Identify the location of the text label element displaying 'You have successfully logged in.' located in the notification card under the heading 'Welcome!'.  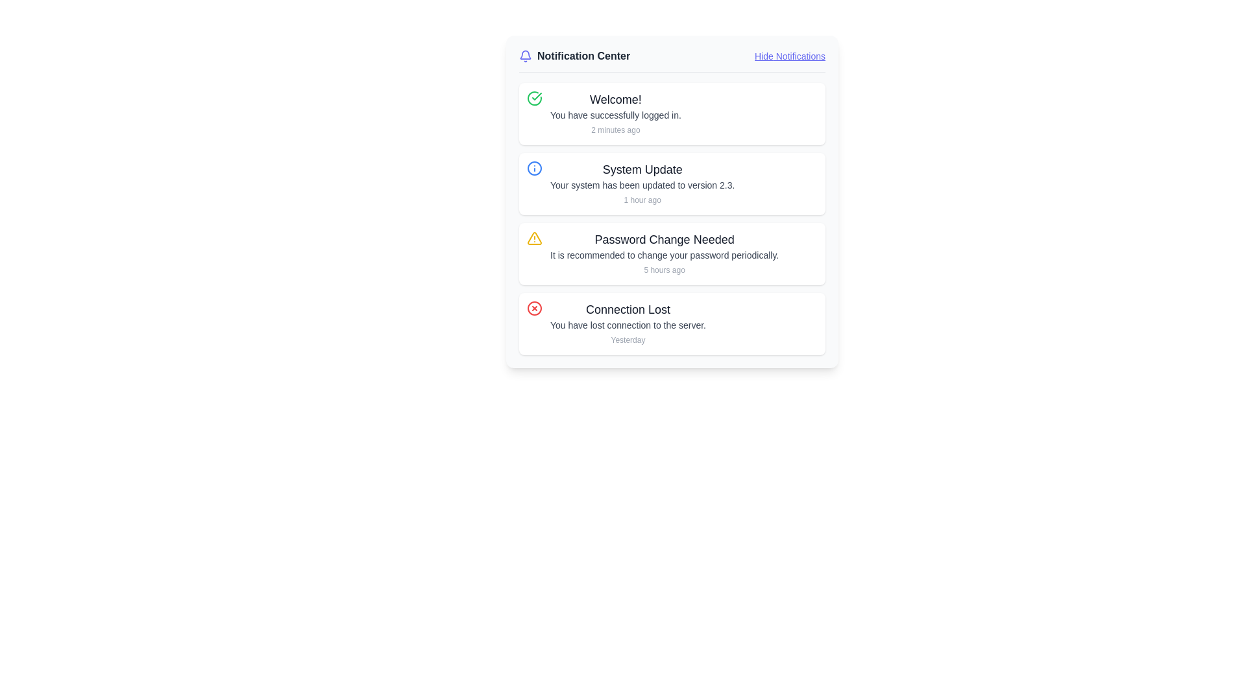
(615, 114).